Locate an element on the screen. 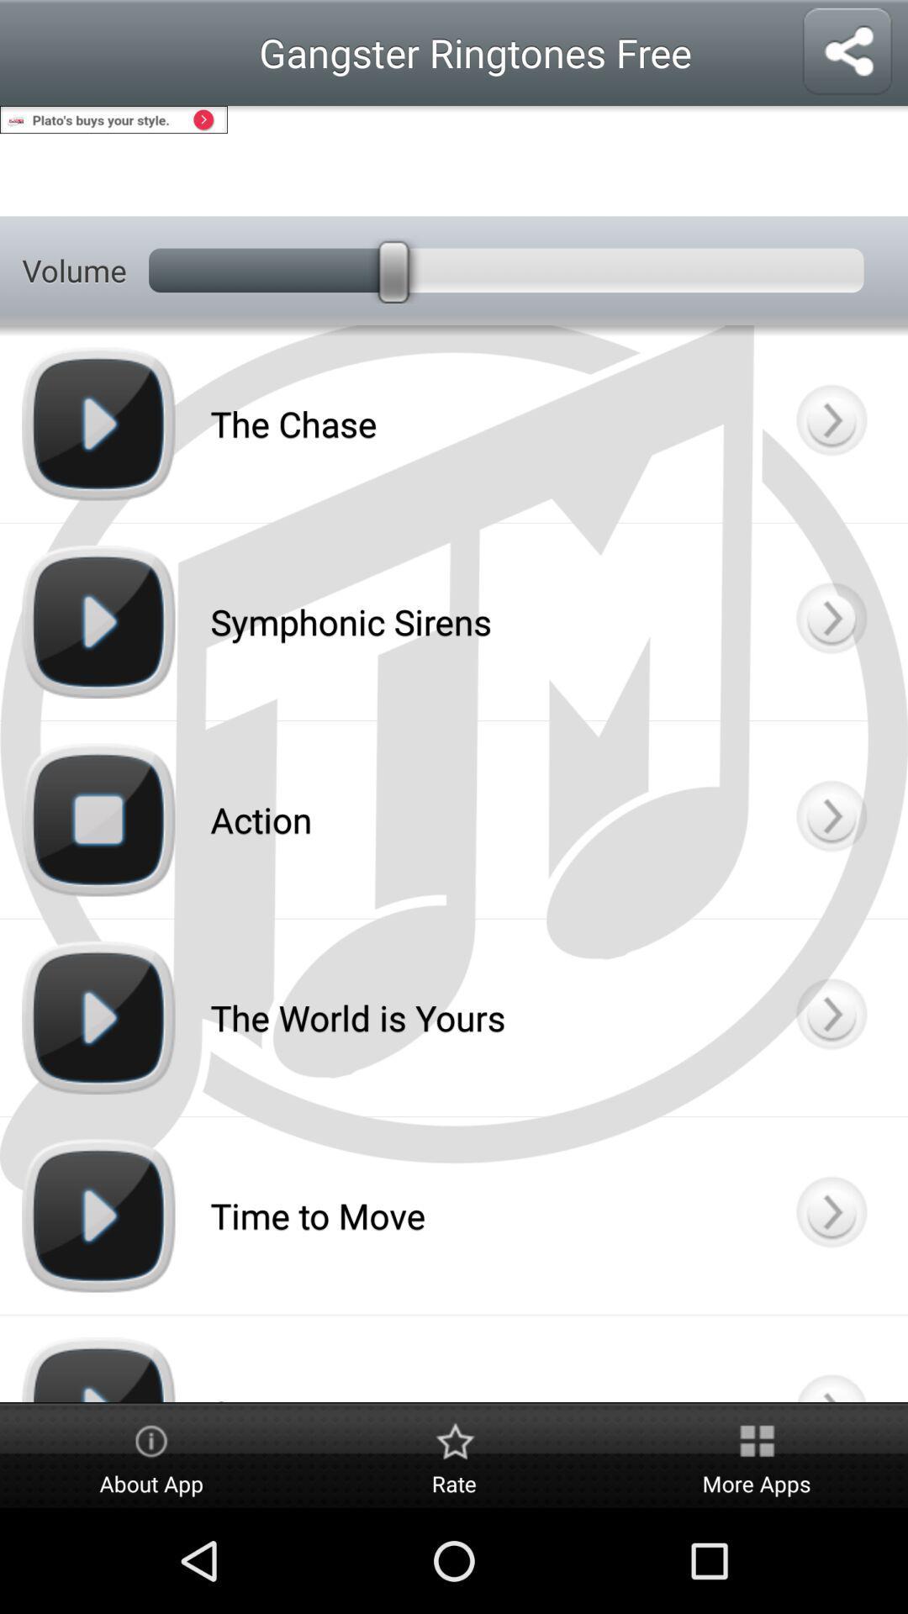 The height and width of the screenshot is (1614, 908). logo is located at coordinates (830, 1358).